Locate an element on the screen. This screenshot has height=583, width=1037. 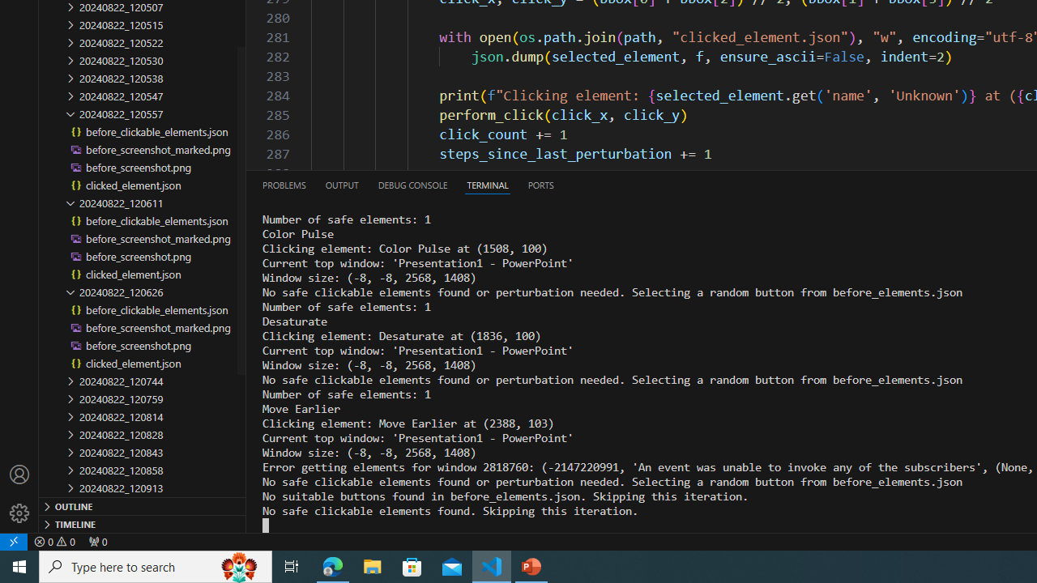
'Debug Console (Ctrl+Shift+Y)' is located at coordinates (412, 184).